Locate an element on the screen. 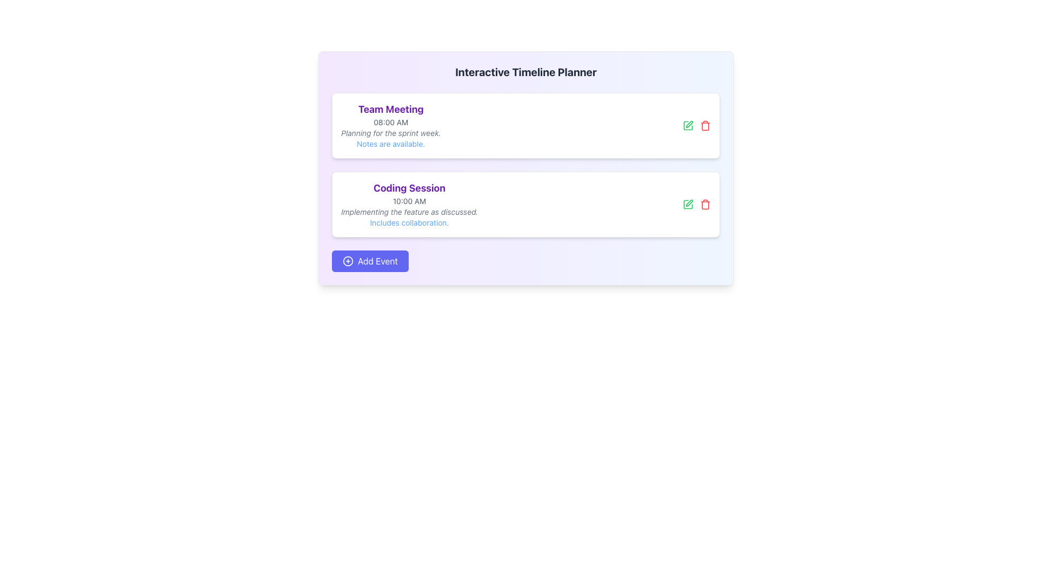 The width and height of the screenshot is (1038, 583). the Informational Text Block titled 'Team Meeting' is located at coordinates (390, 125).